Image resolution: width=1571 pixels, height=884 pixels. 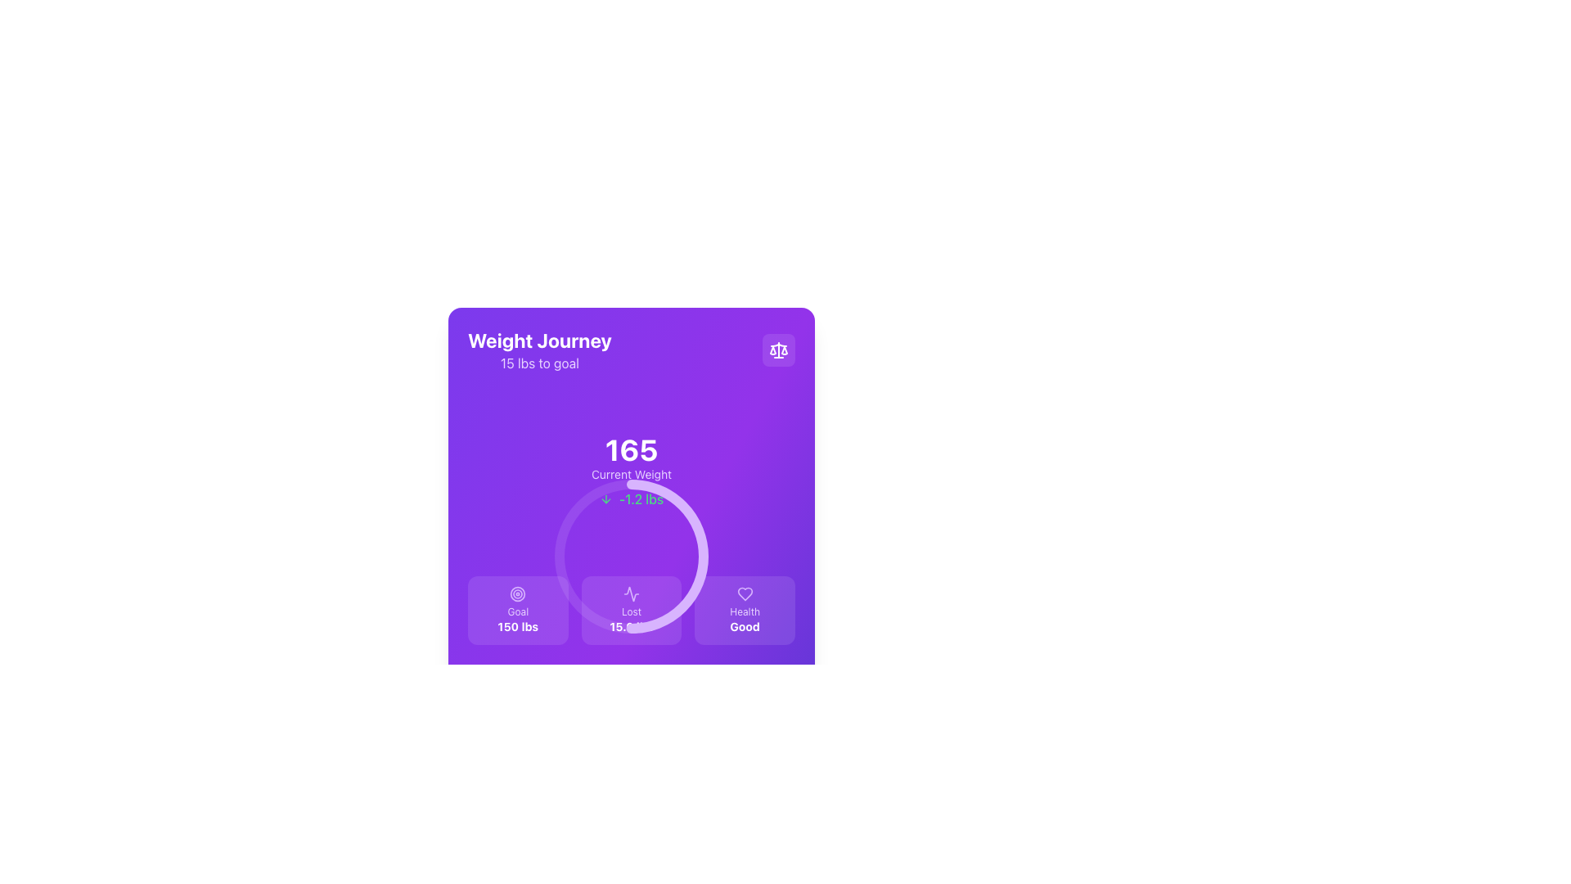 What do you see at coordinates (517, 593) in the screenshot?
I see `the middle circle of the three-concentric-circle graphic, which serves as a target icon representing focus or precision in the purple-themed interface` at bounding box center [517, 593].